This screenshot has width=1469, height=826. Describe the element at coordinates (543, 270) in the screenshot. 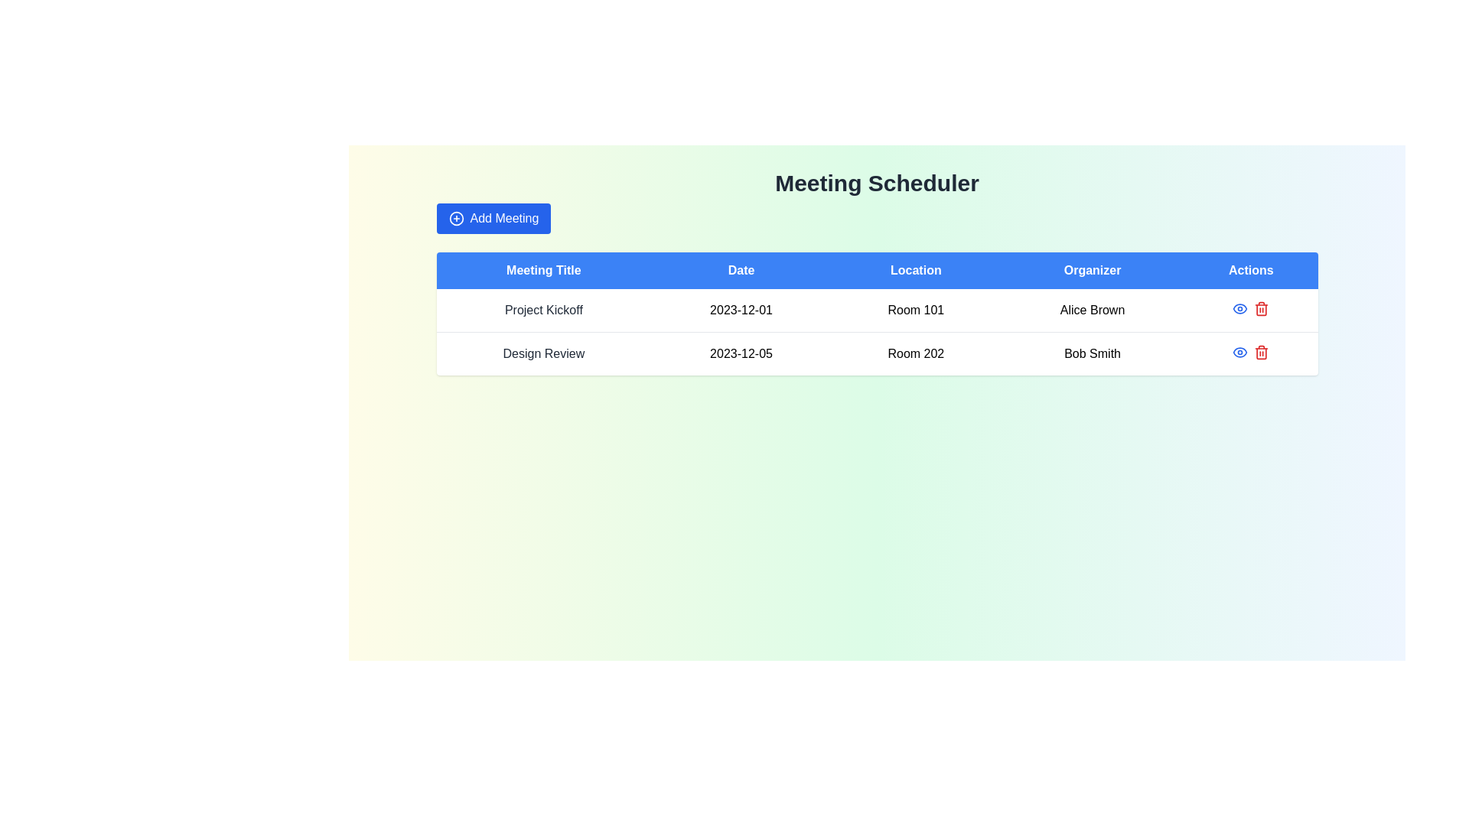

I see `the 'Meeting Title' text label, which is styled in white against a blue background and located as the first column heading in a table layout` at that location.